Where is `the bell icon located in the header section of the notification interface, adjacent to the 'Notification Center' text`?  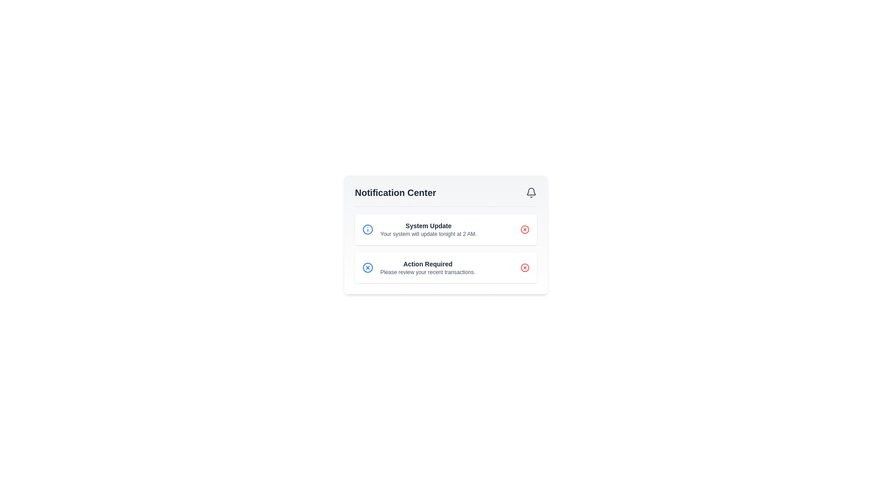
the bell icon located in the header section of the notification interface, adjacent to the 'Notification Center' text is located at coordinates (531, 192).